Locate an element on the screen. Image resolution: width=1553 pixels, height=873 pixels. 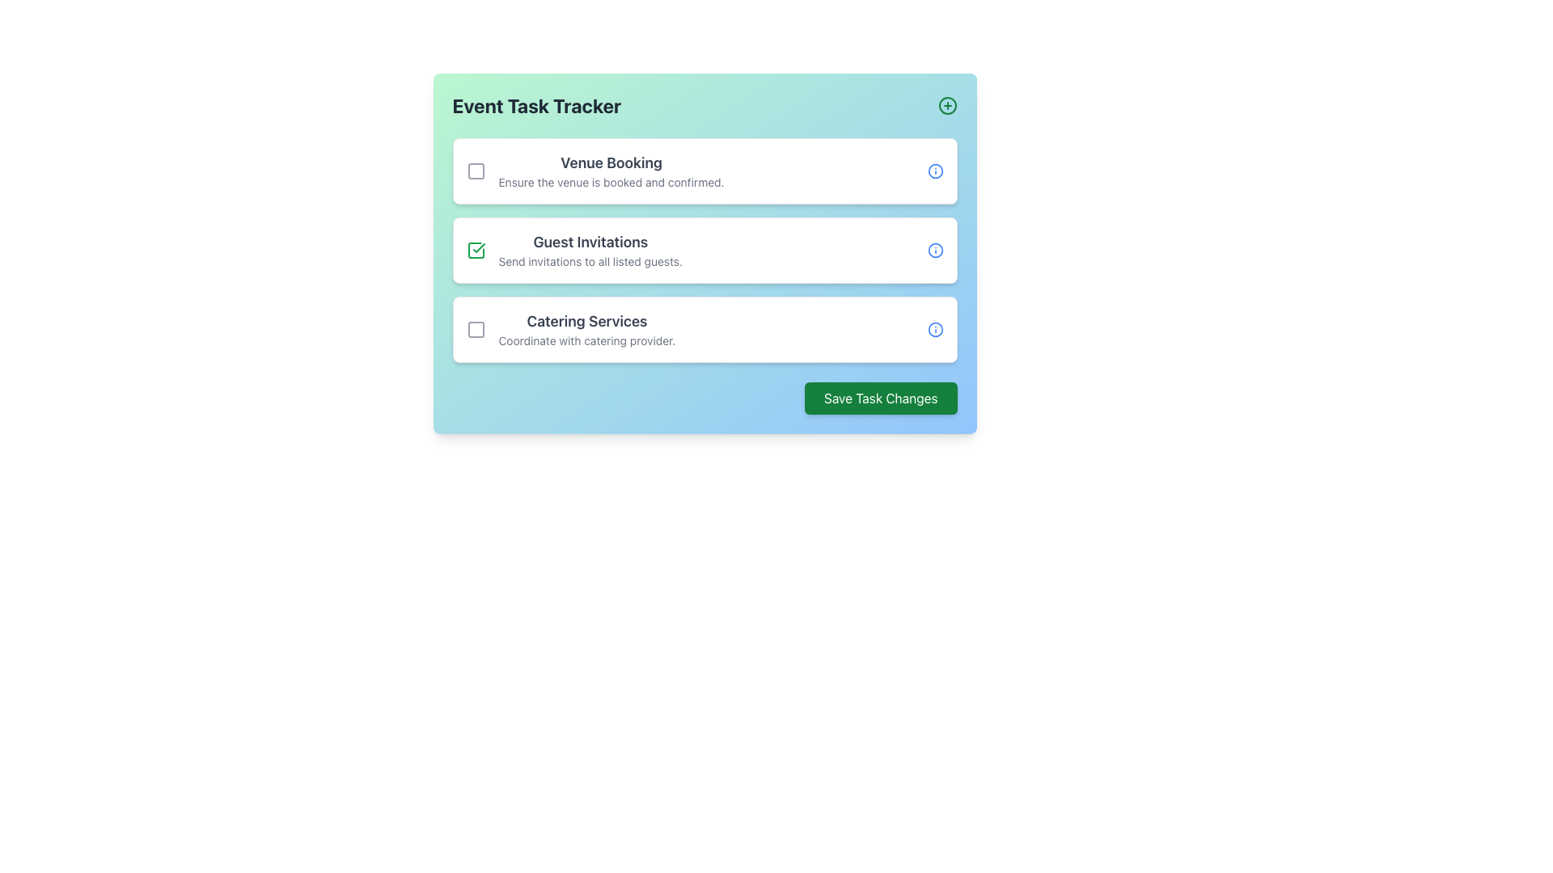
the first task item in the 'Event Task Tracker' section is located at coordinates (594, 171).